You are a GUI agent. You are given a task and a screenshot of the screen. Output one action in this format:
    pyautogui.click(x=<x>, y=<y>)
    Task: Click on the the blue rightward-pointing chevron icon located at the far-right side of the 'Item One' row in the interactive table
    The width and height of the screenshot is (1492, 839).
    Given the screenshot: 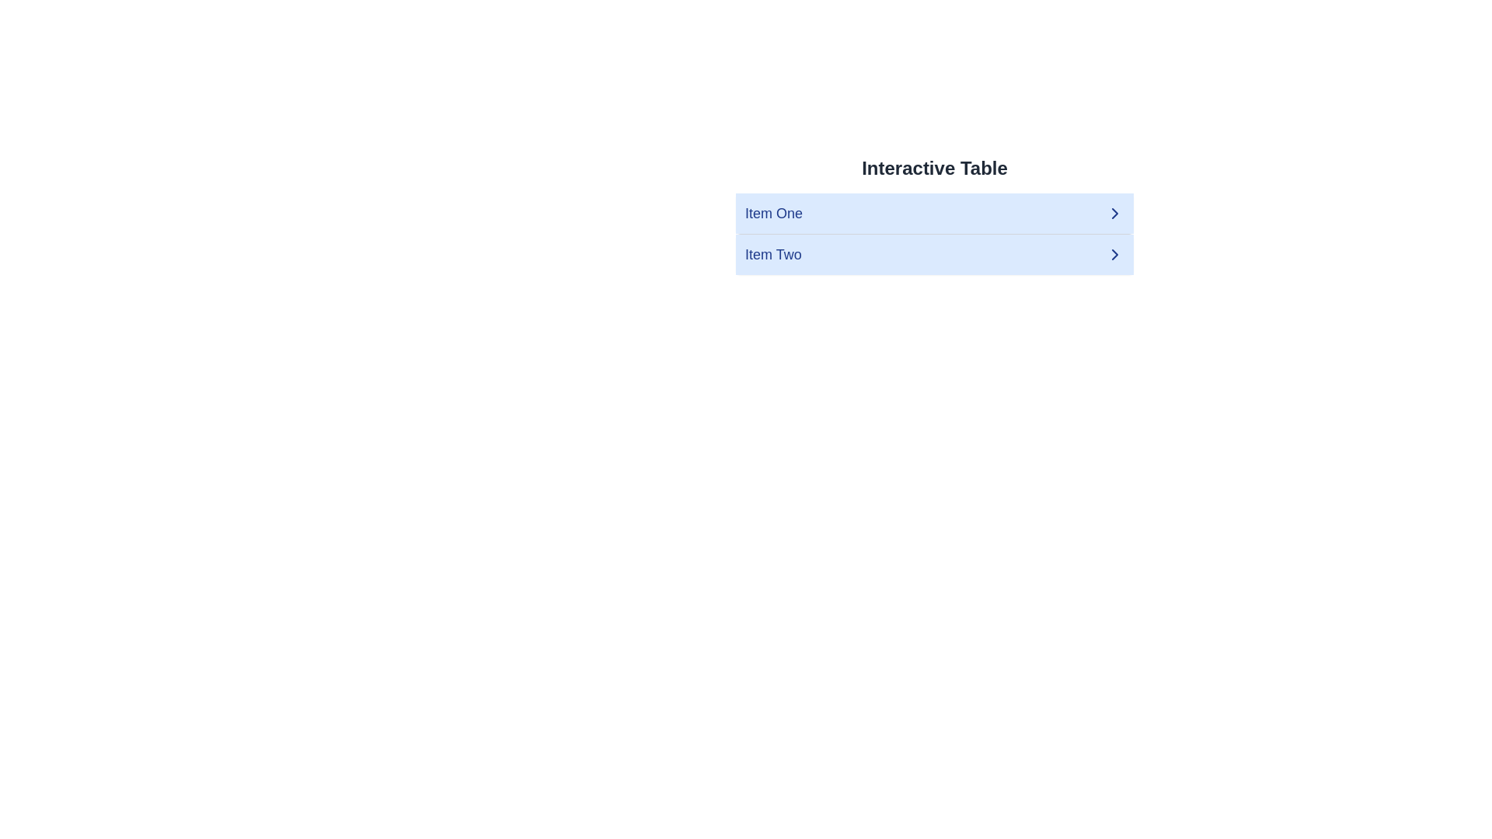 What is the action you would take?
    pyautogui.click(x=1114, y=213)
    